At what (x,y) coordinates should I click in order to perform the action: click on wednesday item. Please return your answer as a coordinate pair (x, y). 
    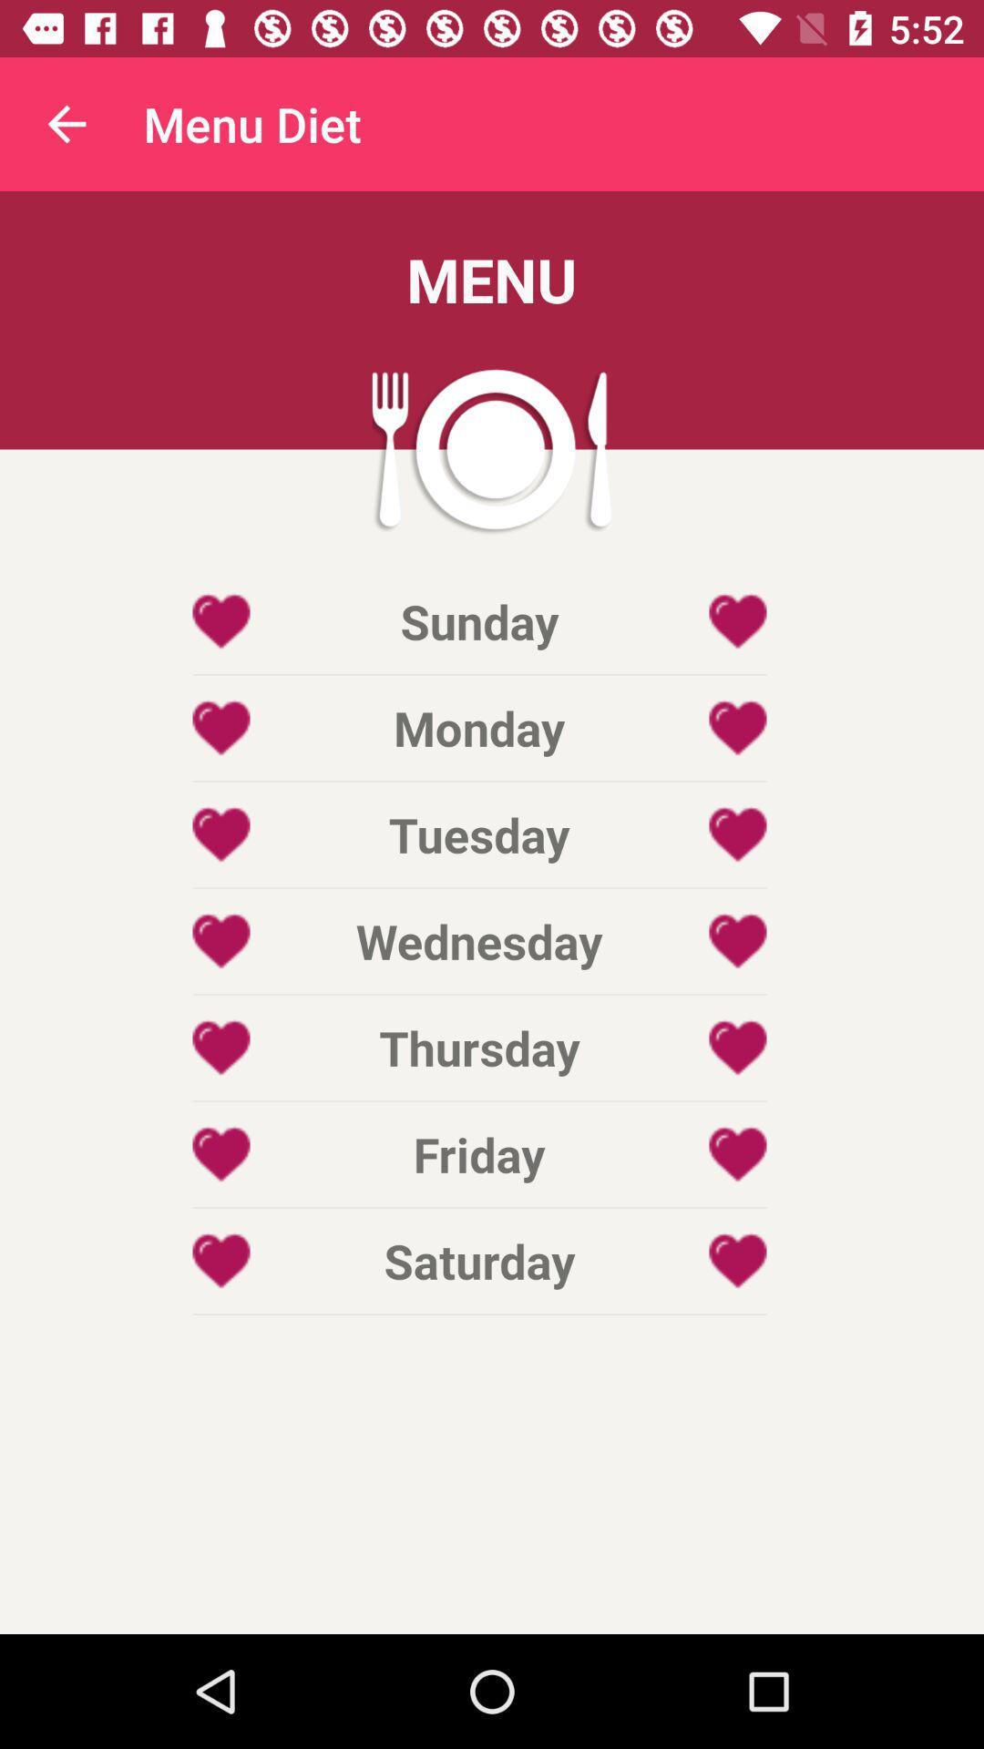
    Looking at the image, I should click on (478, 941).